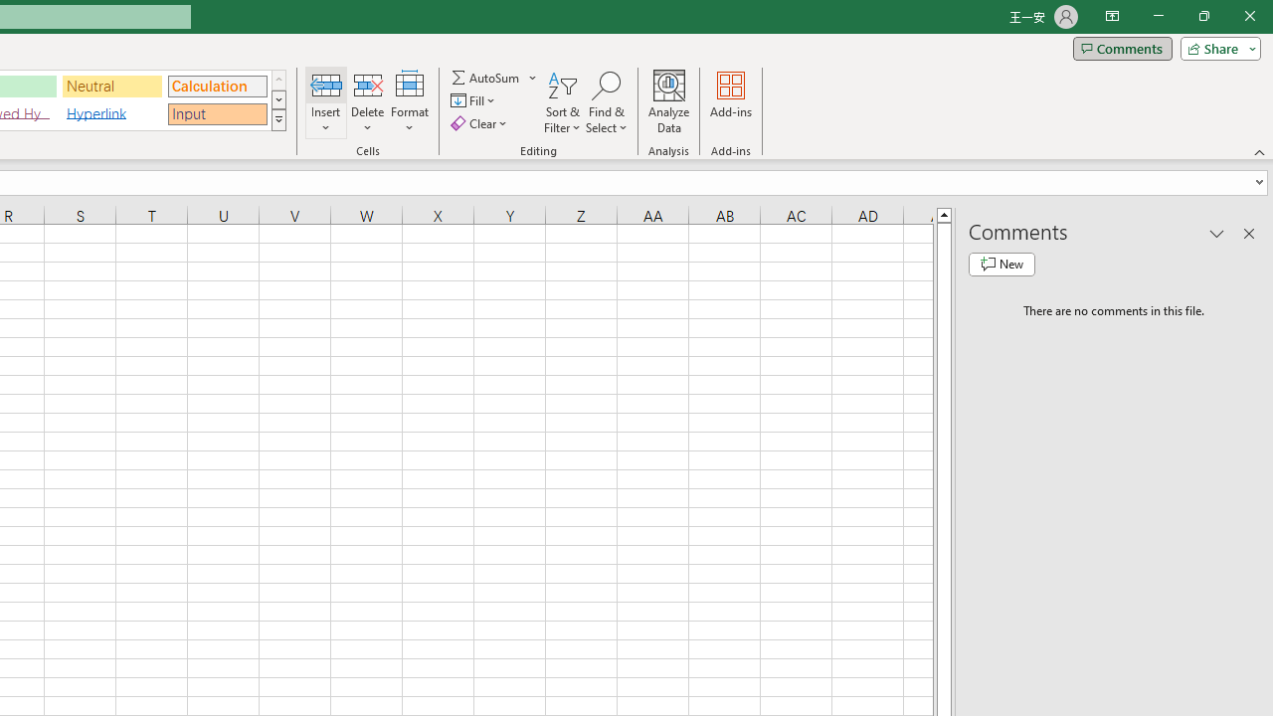 This screenshot has width=1273, height=716. Describe the element at coordinates (277, 79) in the screenshot. I see `'Row up'` at that location.